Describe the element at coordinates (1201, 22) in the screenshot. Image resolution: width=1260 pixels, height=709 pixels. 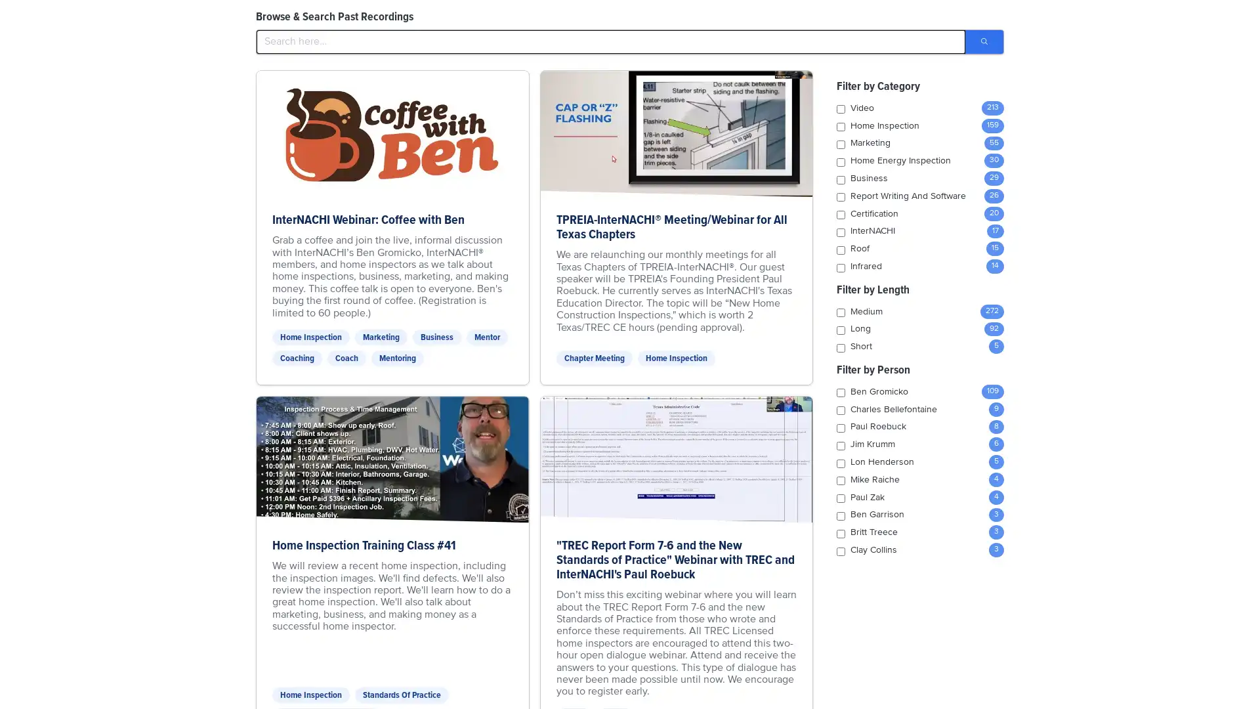
I see `Back to Top` at that location.